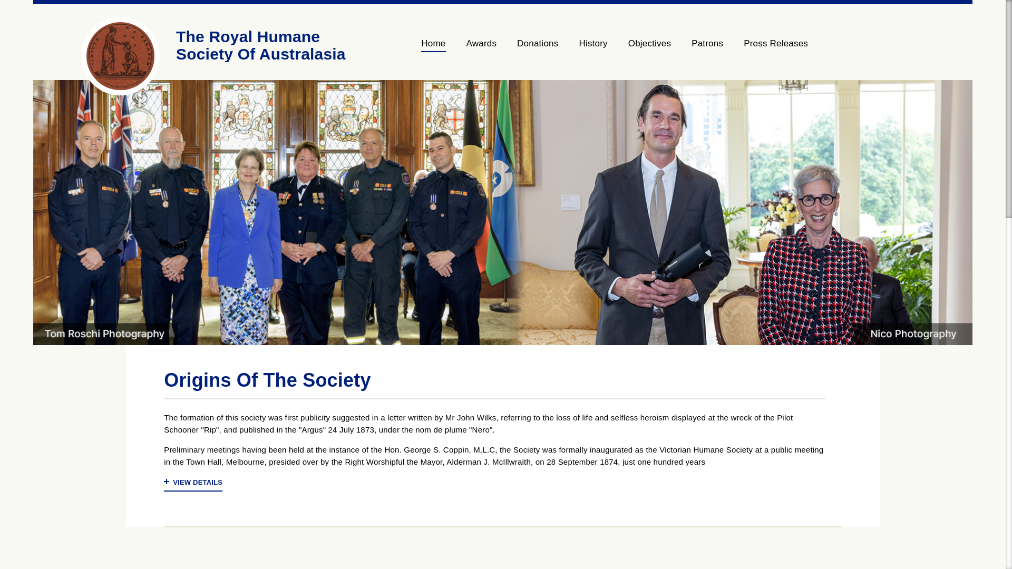  Describe the element at coordinates (771, 48) in the screenshot. I see `'Press Releases'` at that location.